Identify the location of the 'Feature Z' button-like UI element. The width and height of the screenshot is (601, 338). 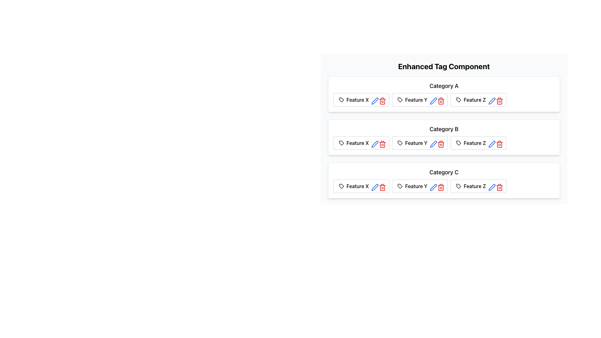
(478, 100).